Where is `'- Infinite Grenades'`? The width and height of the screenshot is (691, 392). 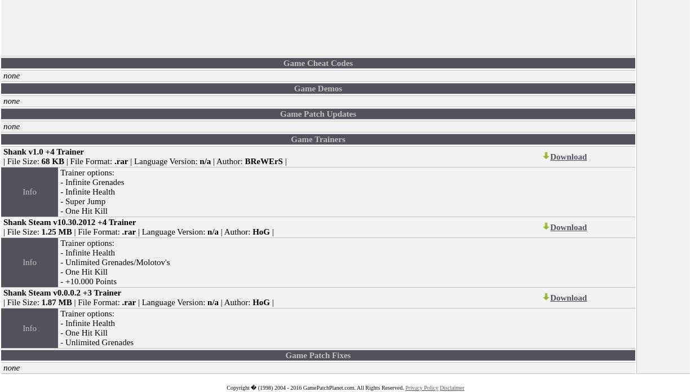
'- Infinite Grenades' is located at coordinates (91, 182).